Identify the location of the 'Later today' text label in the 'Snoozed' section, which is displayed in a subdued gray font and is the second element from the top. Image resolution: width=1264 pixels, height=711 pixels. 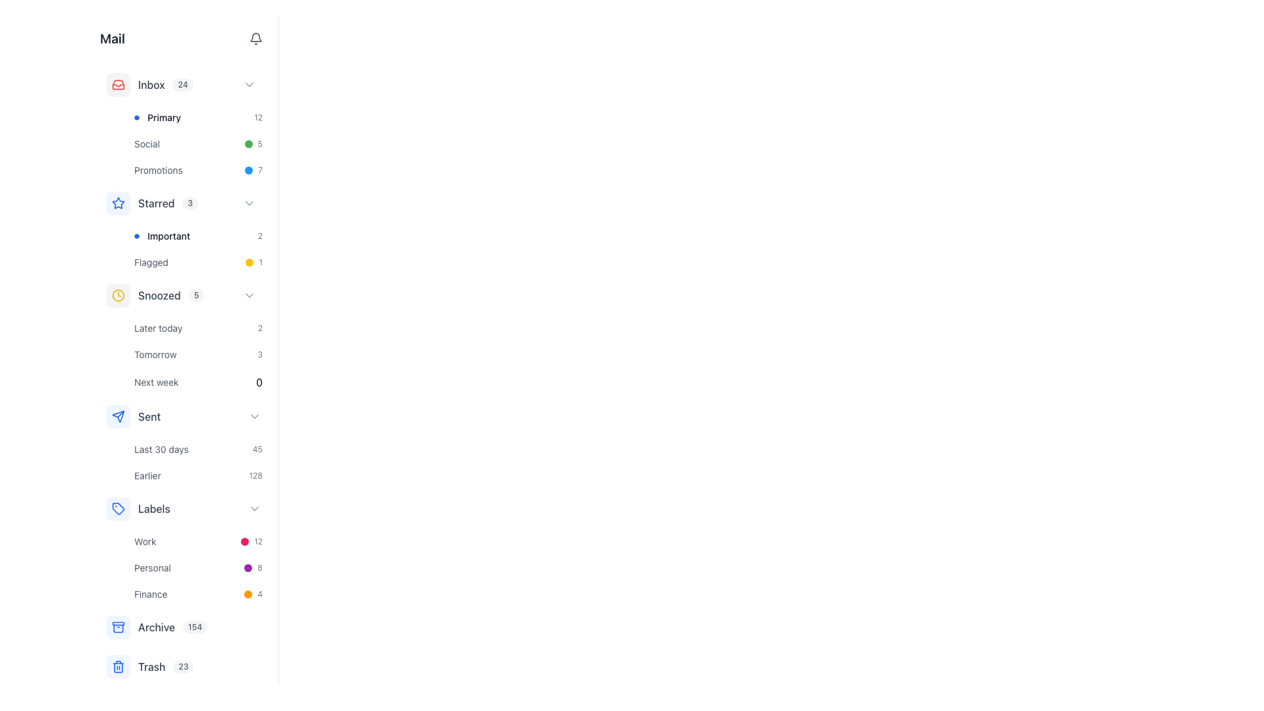
(158, 327).